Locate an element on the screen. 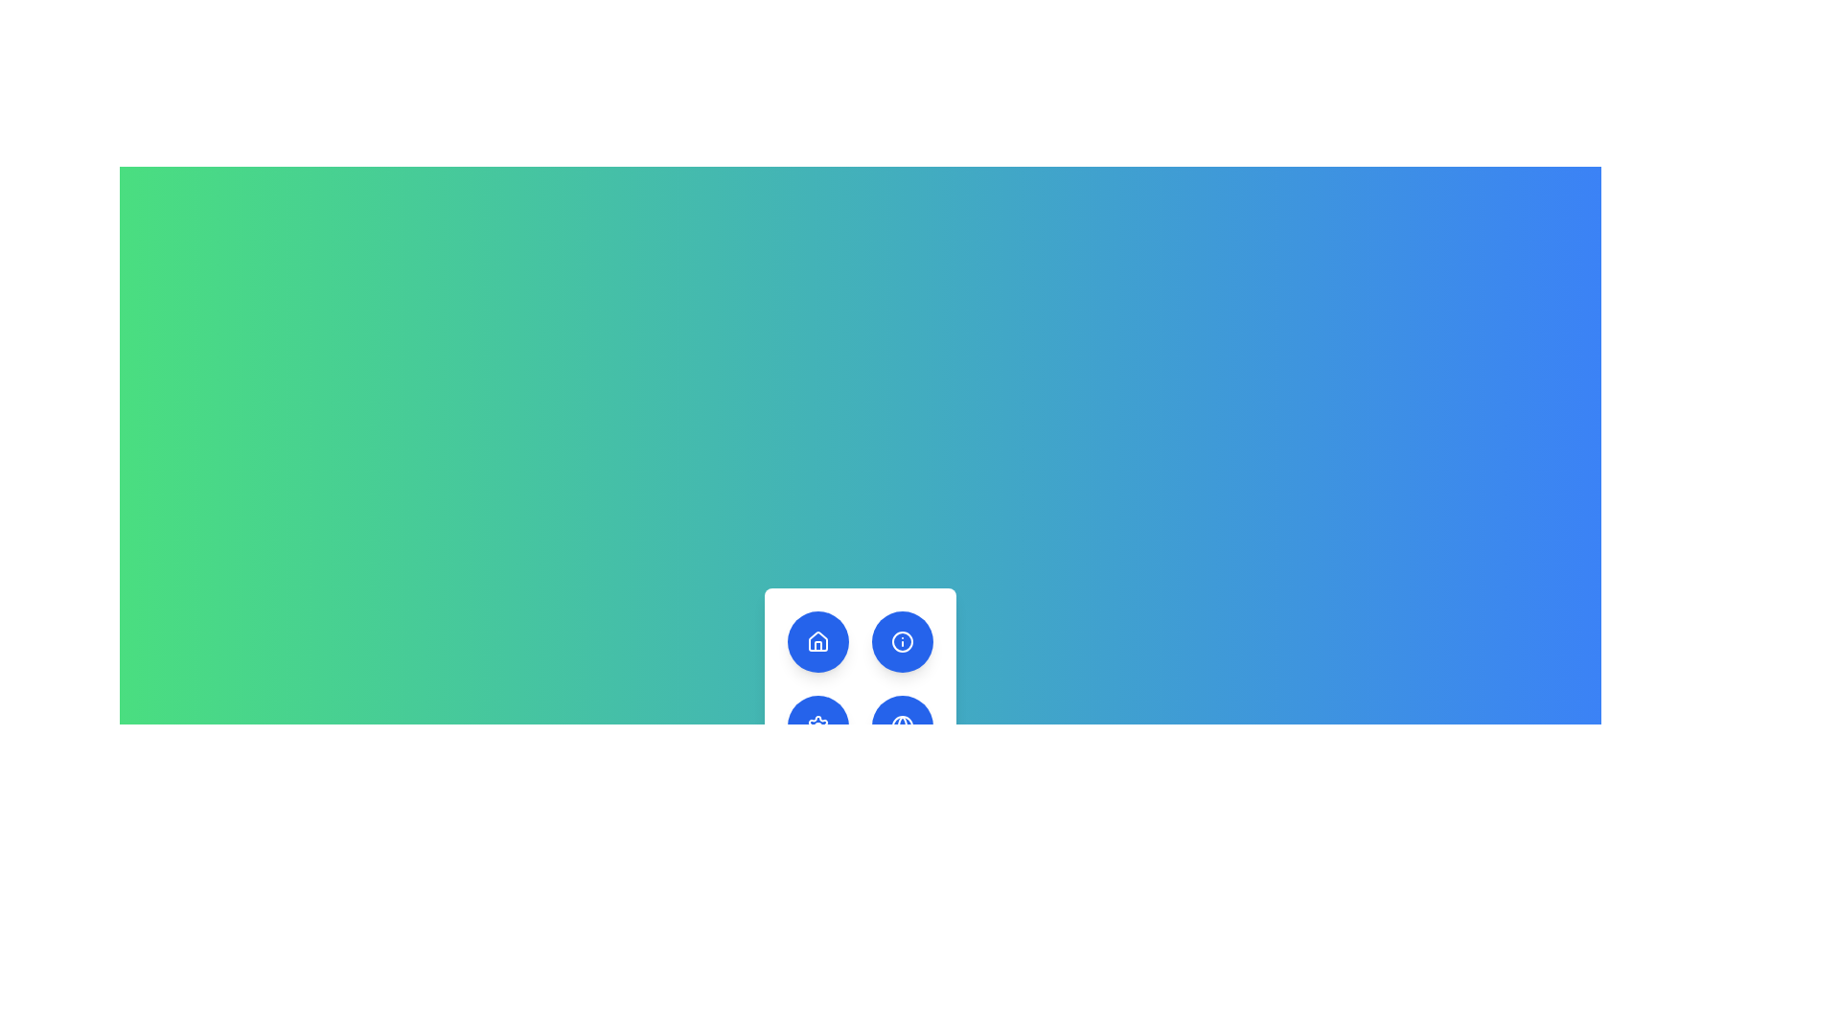 The width and height of the screenshot is (1840, 1035). the 'info' icon button located in the second position of the top row in a grid of circular buttons is located at coordinates (901, 642).